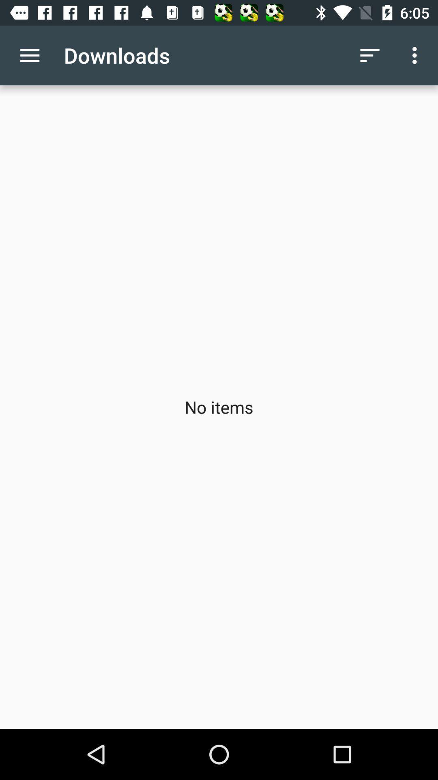  What do you see at coordinates (29, 55) in the screenshot?
I see `the app to the left of downloads` at bounding box center [29, 55].